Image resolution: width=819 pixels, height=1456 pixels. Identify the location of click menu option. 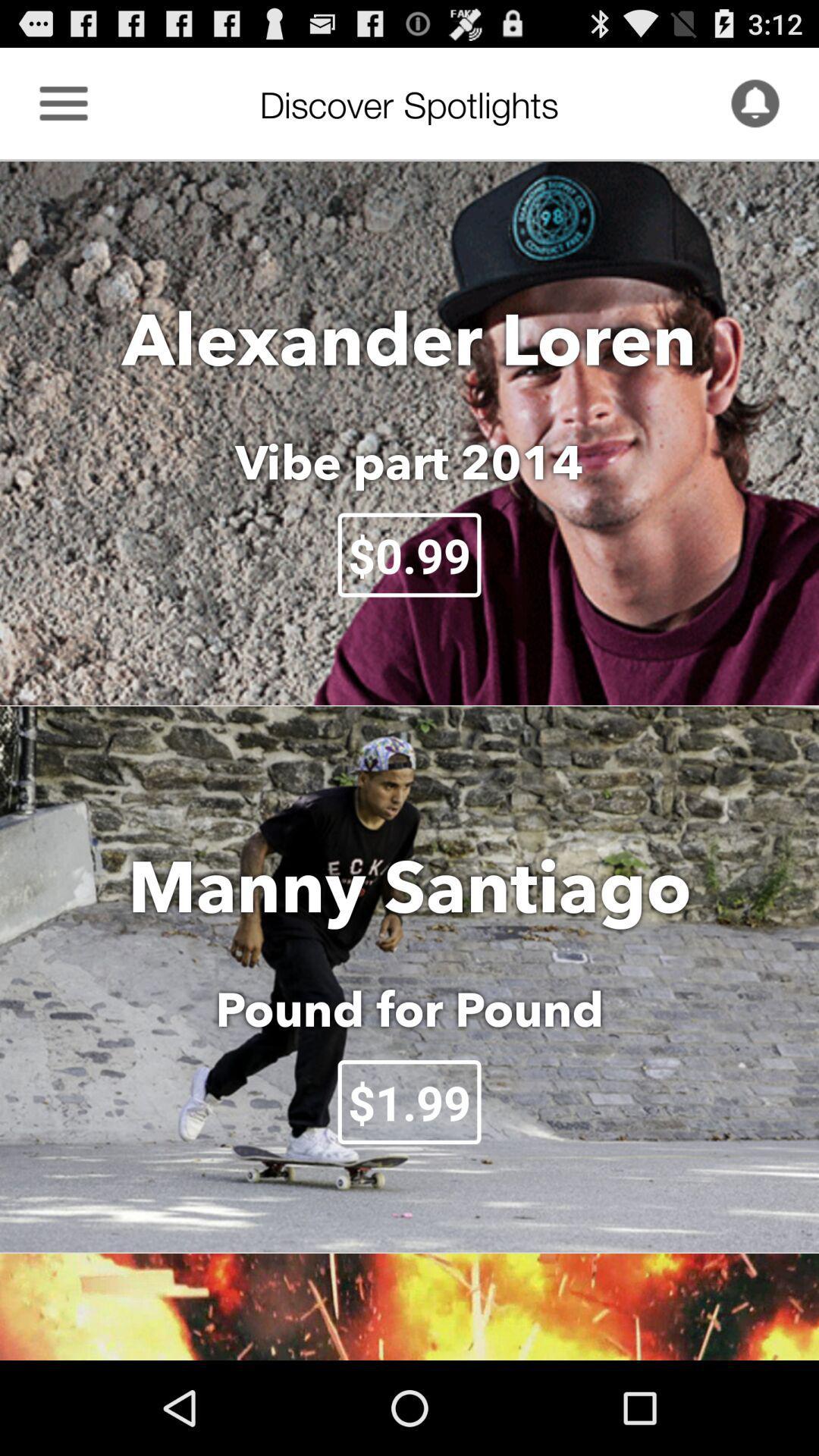
(63, 102).